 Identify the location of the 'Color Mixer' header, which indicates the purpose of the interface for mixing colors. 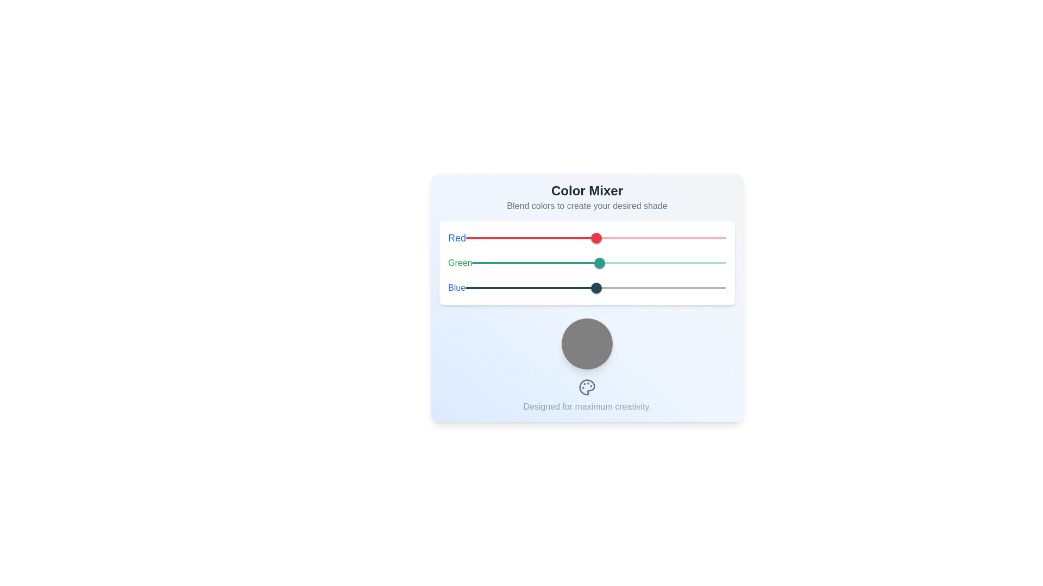
(586, 197).